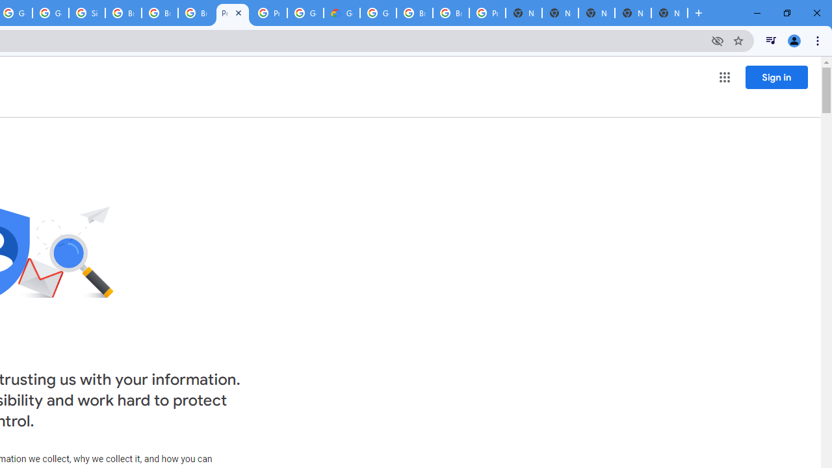 Image resolution: width=832 pixels, height=468 pixels. What do you see at coordinates (776, 77) in the screenshot?
I see `'Sign in'` at bounding box center [776, 77].